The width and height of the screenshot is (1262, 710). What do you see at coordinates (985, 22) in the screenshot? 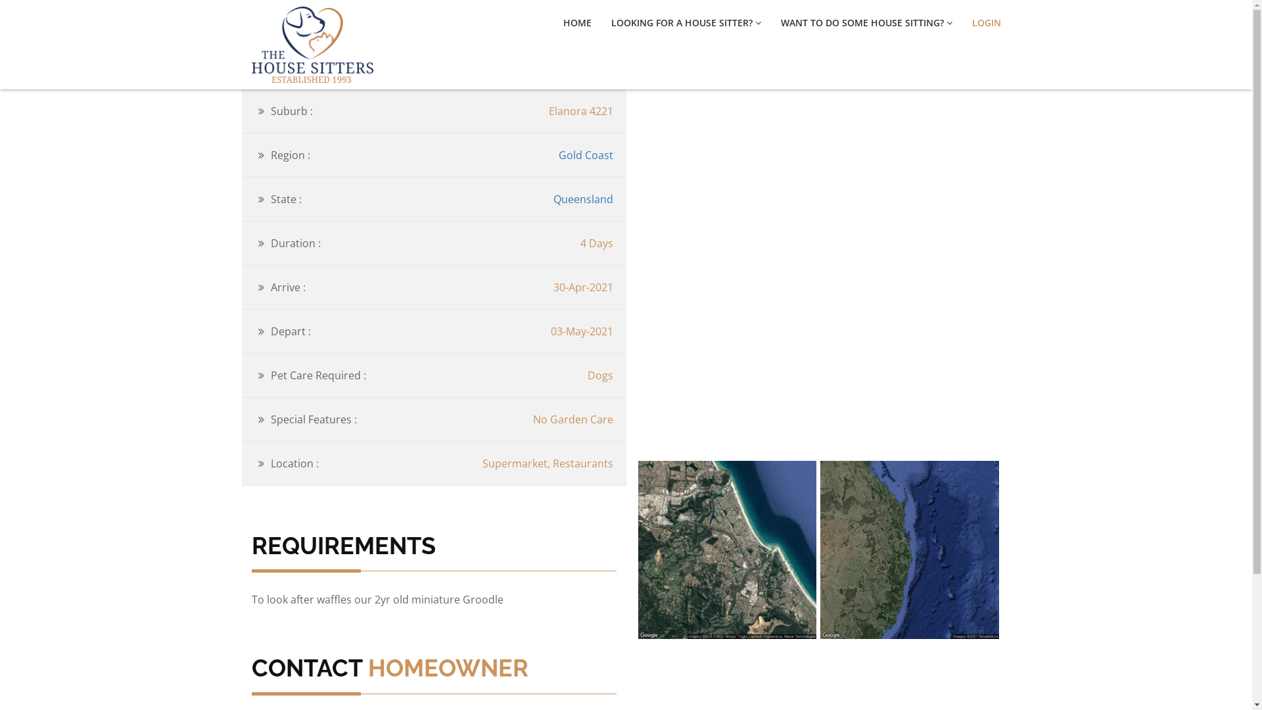
I see `'LOGIN'` at bounding box center [985, 22].